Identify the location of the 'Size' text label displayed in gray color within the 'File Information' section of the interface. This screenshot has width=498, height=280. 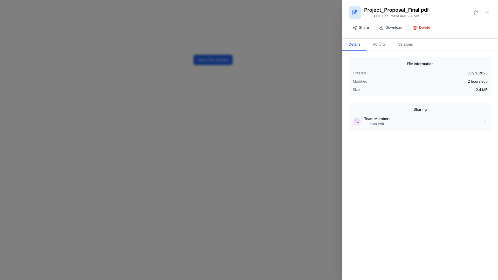
(356, 89).